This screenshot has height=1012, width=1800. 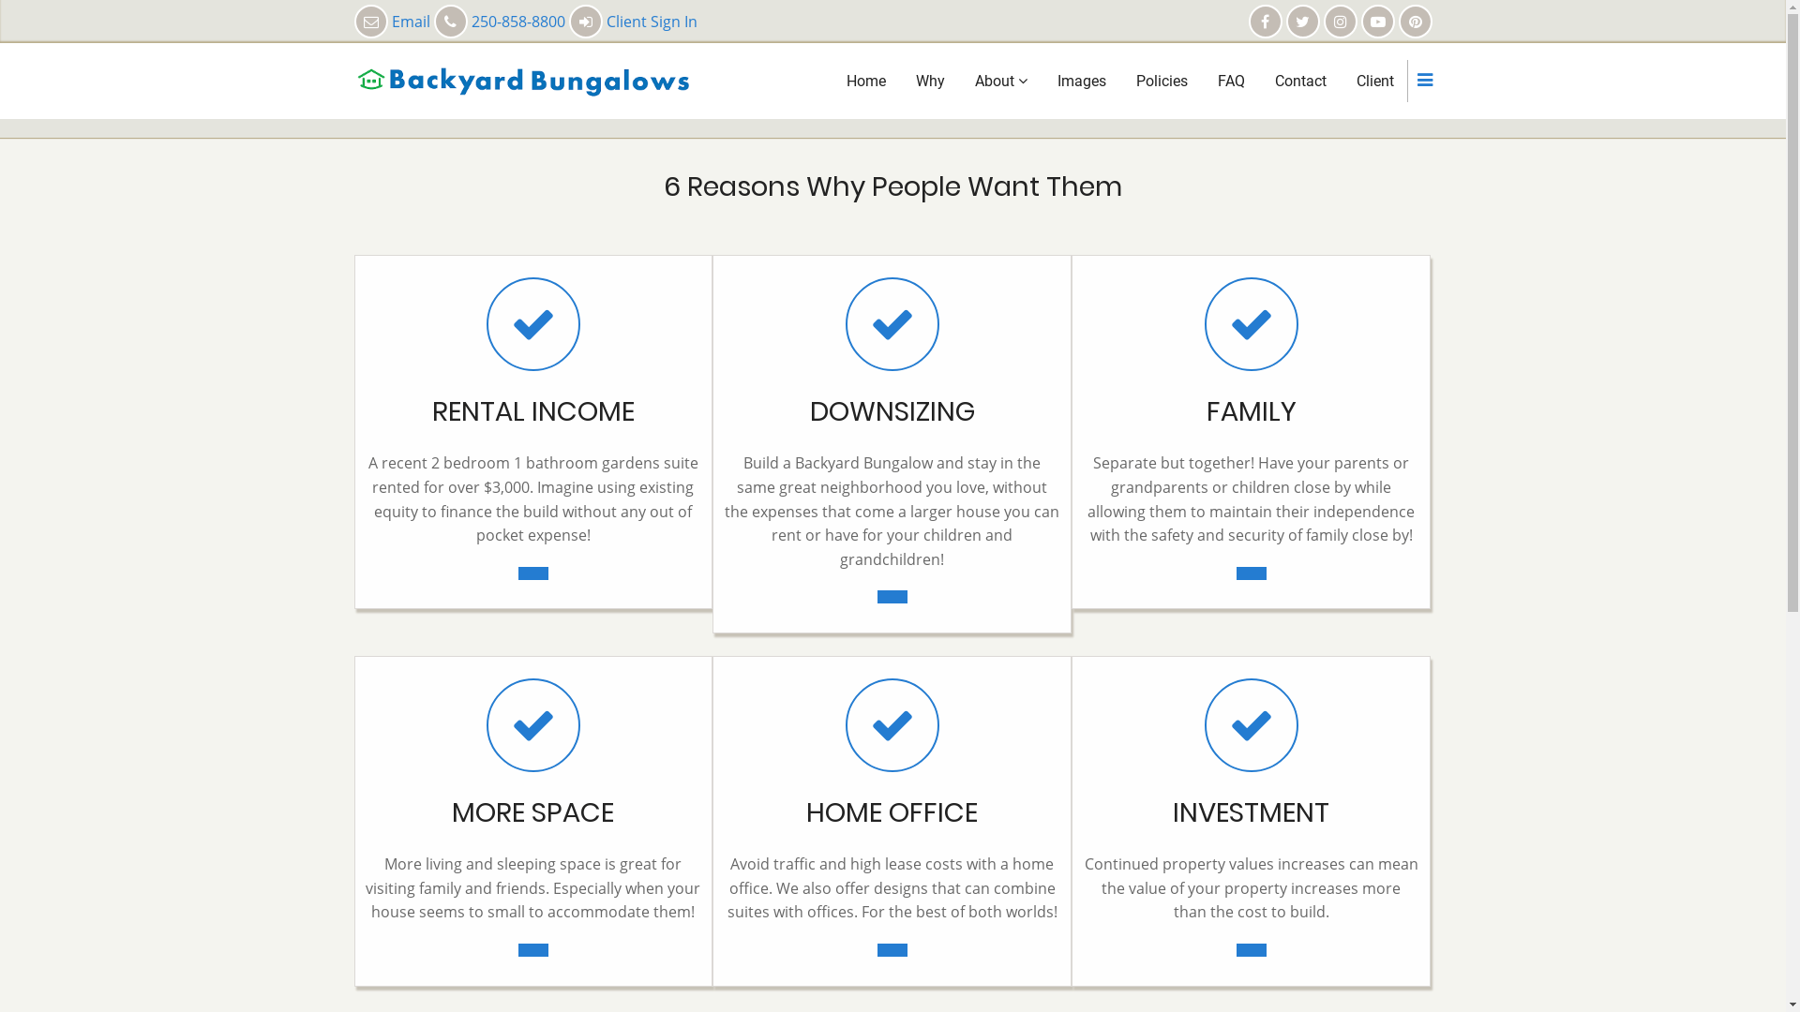 I want to click on 'FAQ', so click(x=1203, y=81).